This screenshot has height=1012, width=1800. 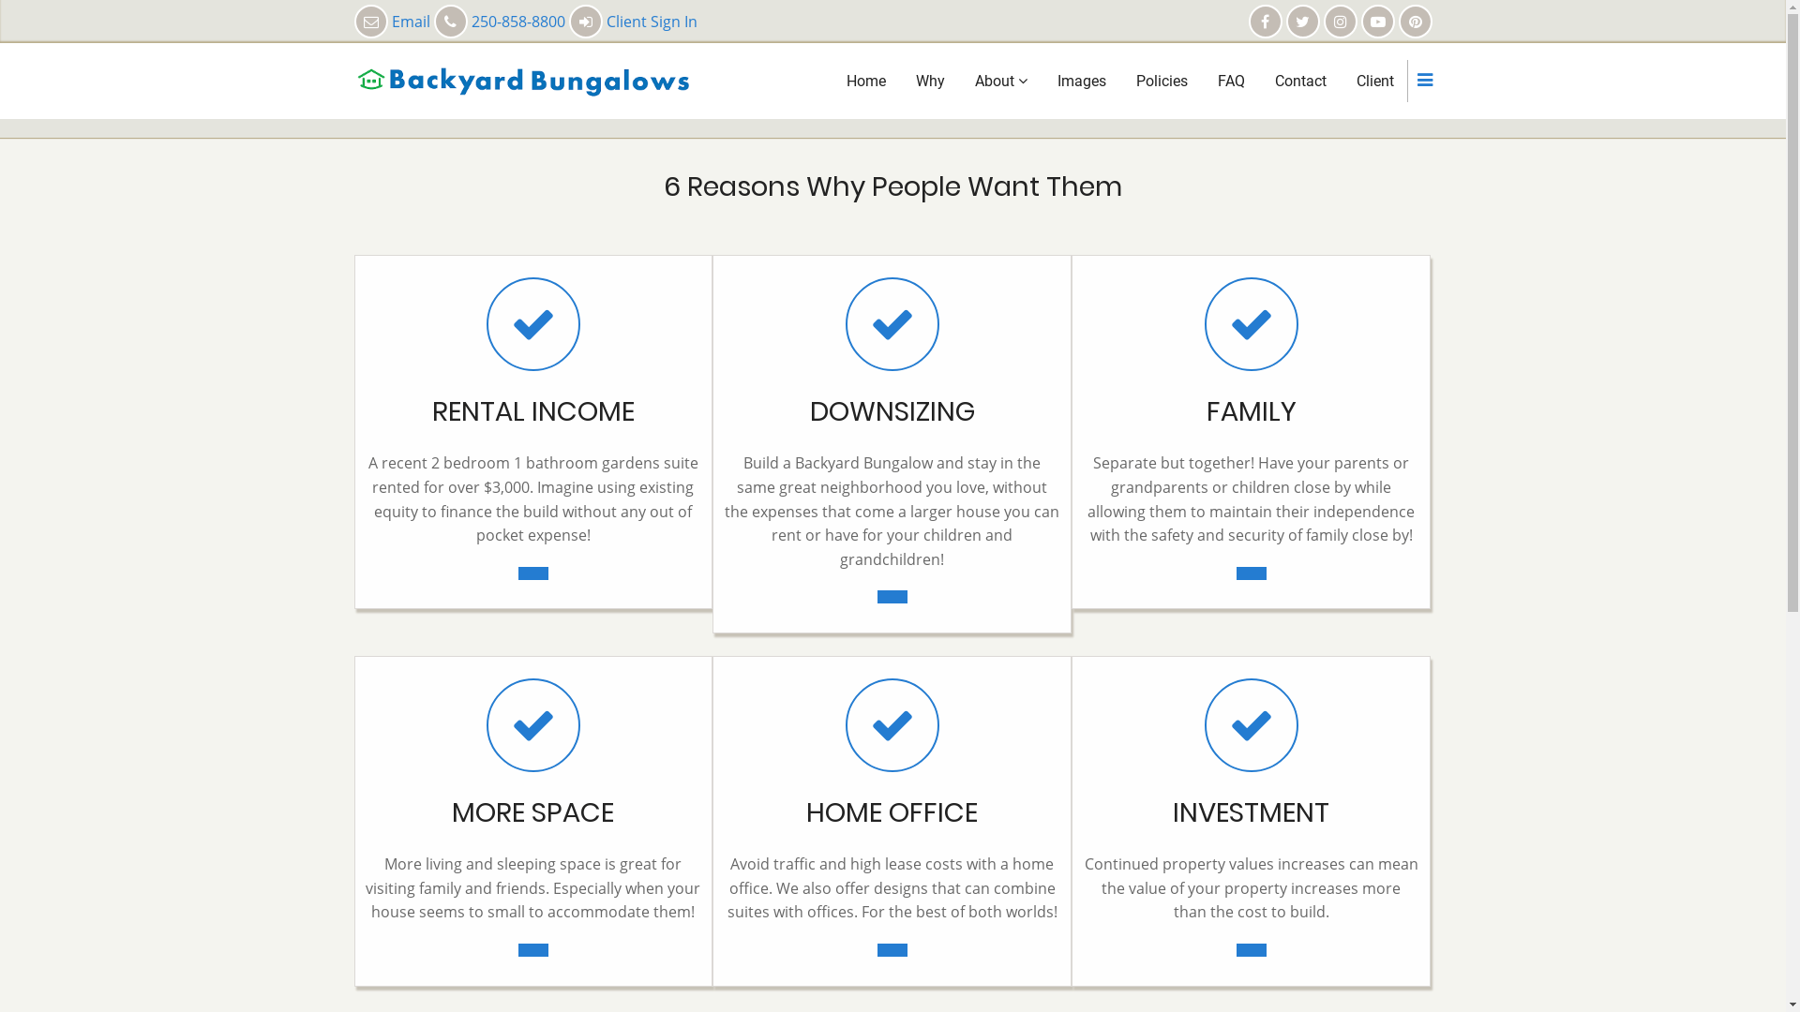 I want to click on 'FAQ', so click(x=1203, y=81).